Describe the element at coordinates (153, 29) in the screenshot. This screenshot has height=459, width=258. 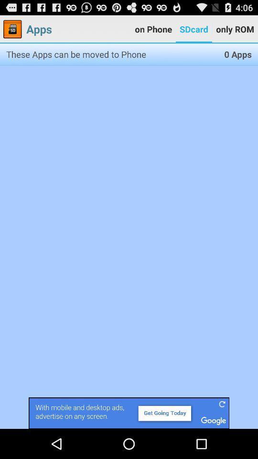
I see `on phone next to sdcard` at that location.